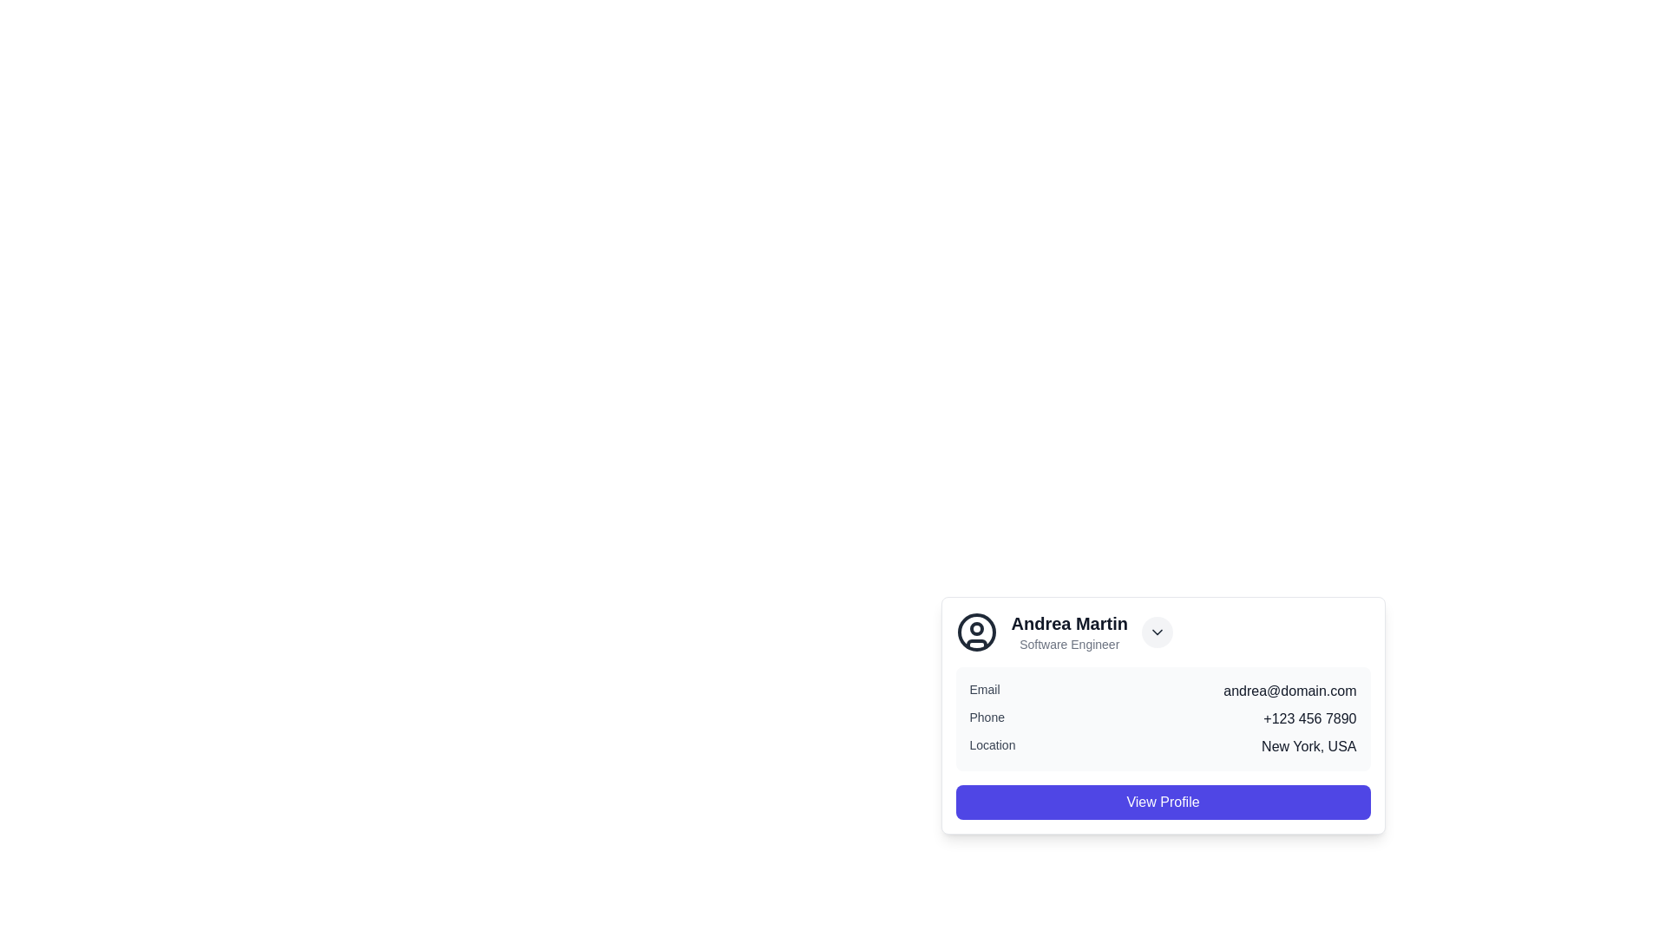 The image size is (1666, 937). Describe the element at coordinates (976, 629) in the screenshot. I see `the decorative icon component, which is a circle shape located in the top-left region of the graphical user icon on the profile card` at that location.